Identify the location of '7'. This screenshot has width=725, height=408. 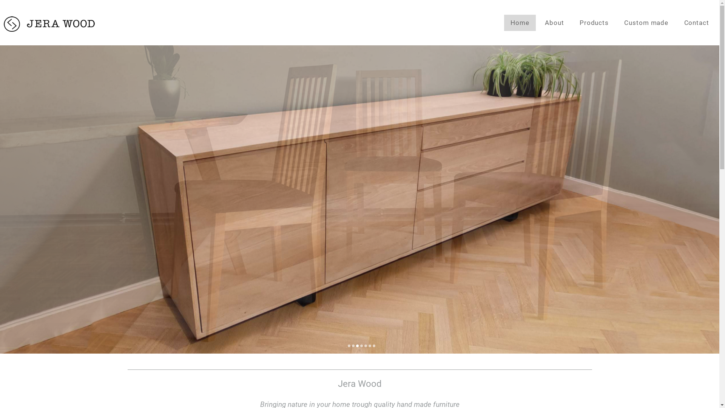
(374, 346).